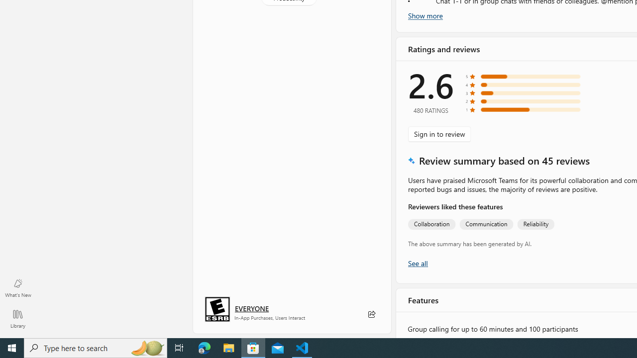 The width and height of the screenshot is (637, 358). Describe the element at coordinates (425, 15) in the screenshot. I see `'Show more'` at that location.